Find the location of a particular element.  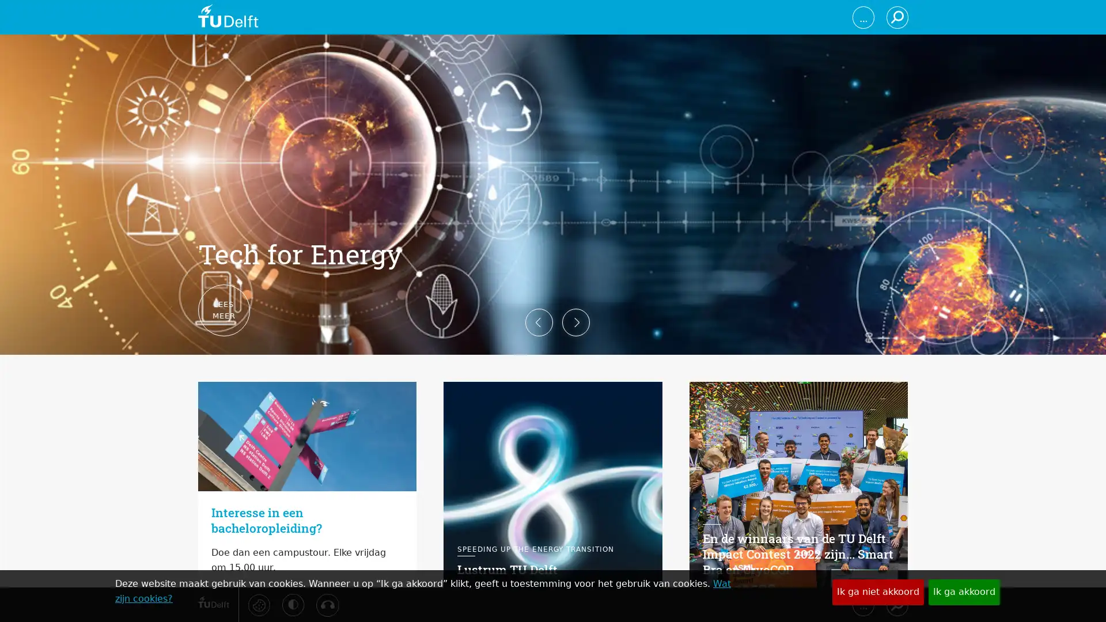

Luister met de ReachDeck-werkbalk is located at coordinates (326, 604).